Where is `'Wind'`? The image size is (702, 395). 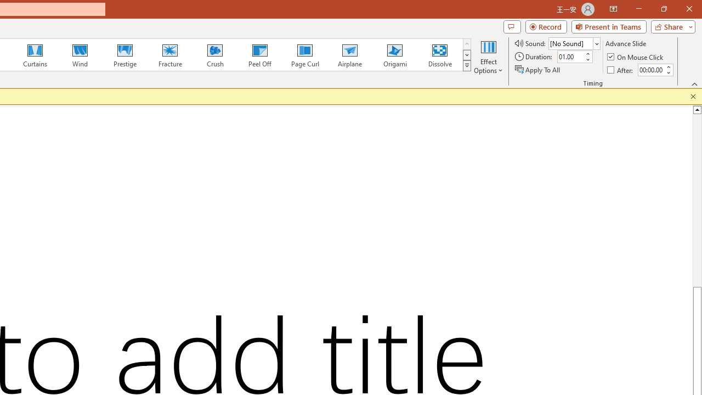
'Wind' is located at coordinates (79, 55).